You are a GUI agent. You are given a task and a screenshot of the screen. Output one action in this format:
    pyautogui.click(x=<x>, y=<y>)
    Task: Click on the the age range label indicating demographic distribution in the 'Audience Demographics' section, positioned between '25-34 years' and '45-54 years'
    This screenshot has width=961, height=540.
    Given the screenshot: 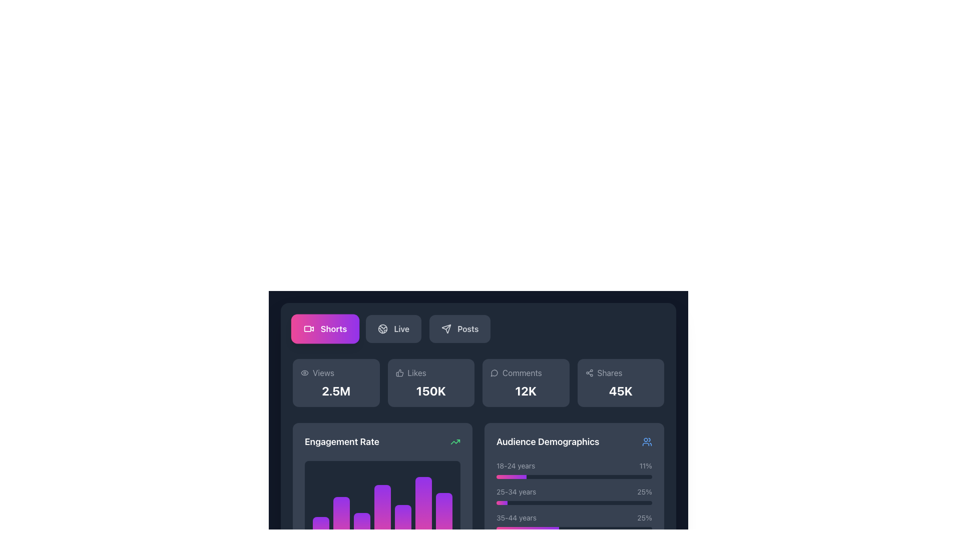 What is the action you would take?
    pyautogui.click(x=517, y=517)
    